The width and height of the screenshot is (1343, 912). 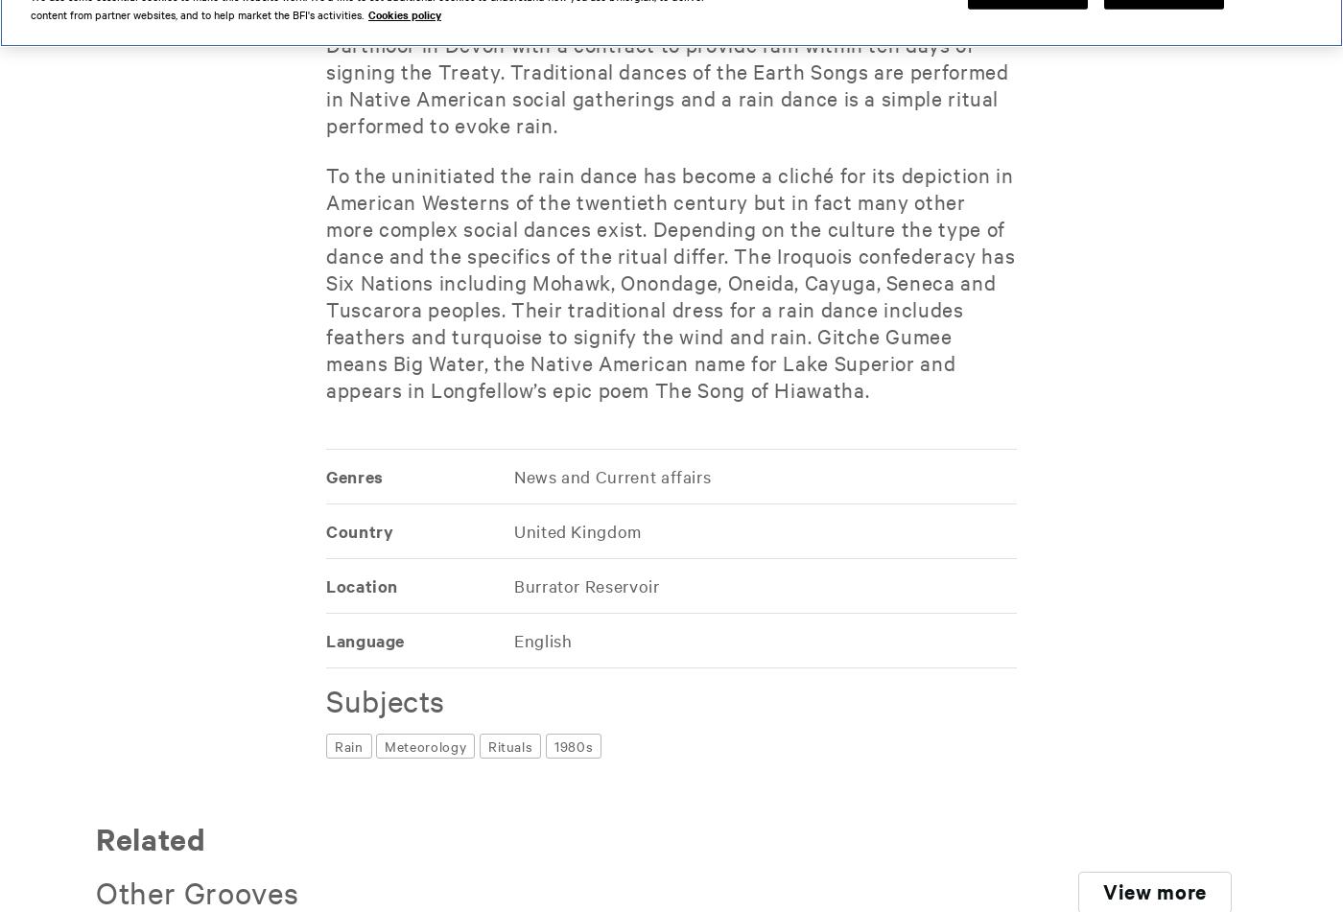 What do you see at coordinates (573, 745) in the screenshot?
I see `'1980s'` at bounding box center [573, 745].